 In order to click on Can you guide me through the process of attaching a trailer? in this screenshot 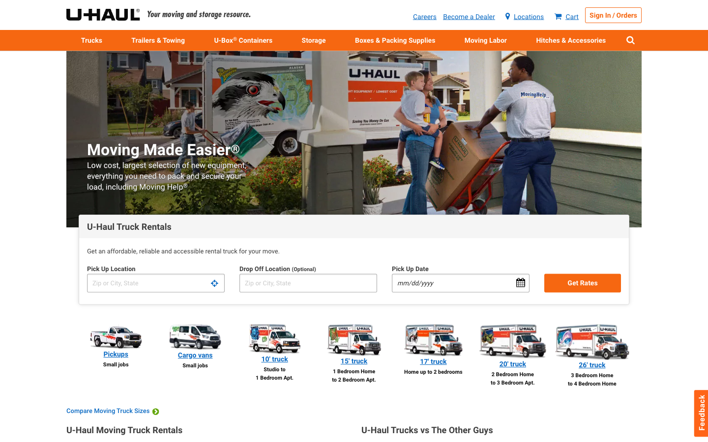, I will do `click(571, 39)`.